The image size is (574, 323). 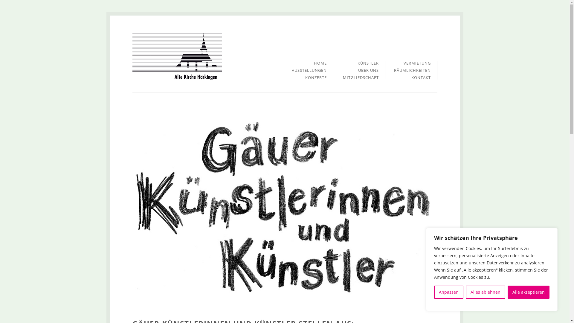 What do you see at coordinates (320, 65) in the screenshot?
I see `'HOME'` at bounding box center [320, 65].